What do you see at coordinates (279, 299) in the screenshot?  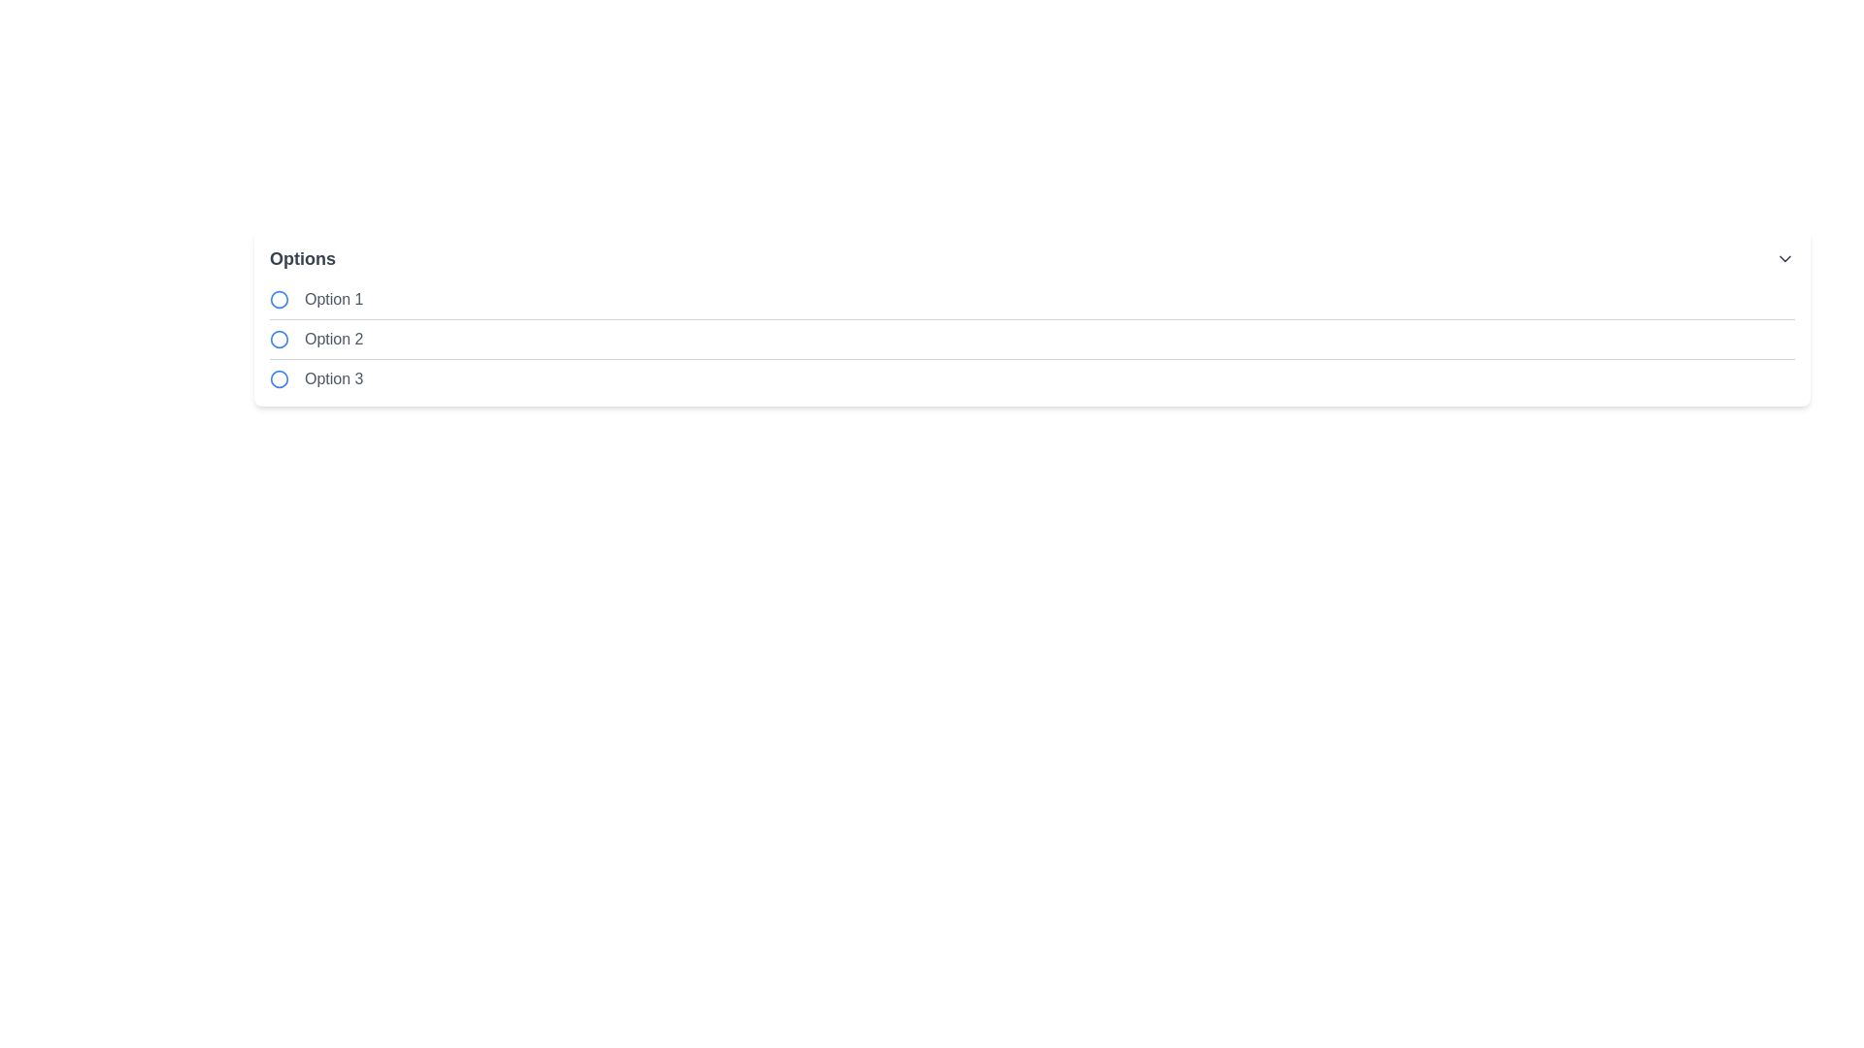 I see `the circular radio button with a blue outline associated with 'Option 1'` at bounding box center [279, 299].